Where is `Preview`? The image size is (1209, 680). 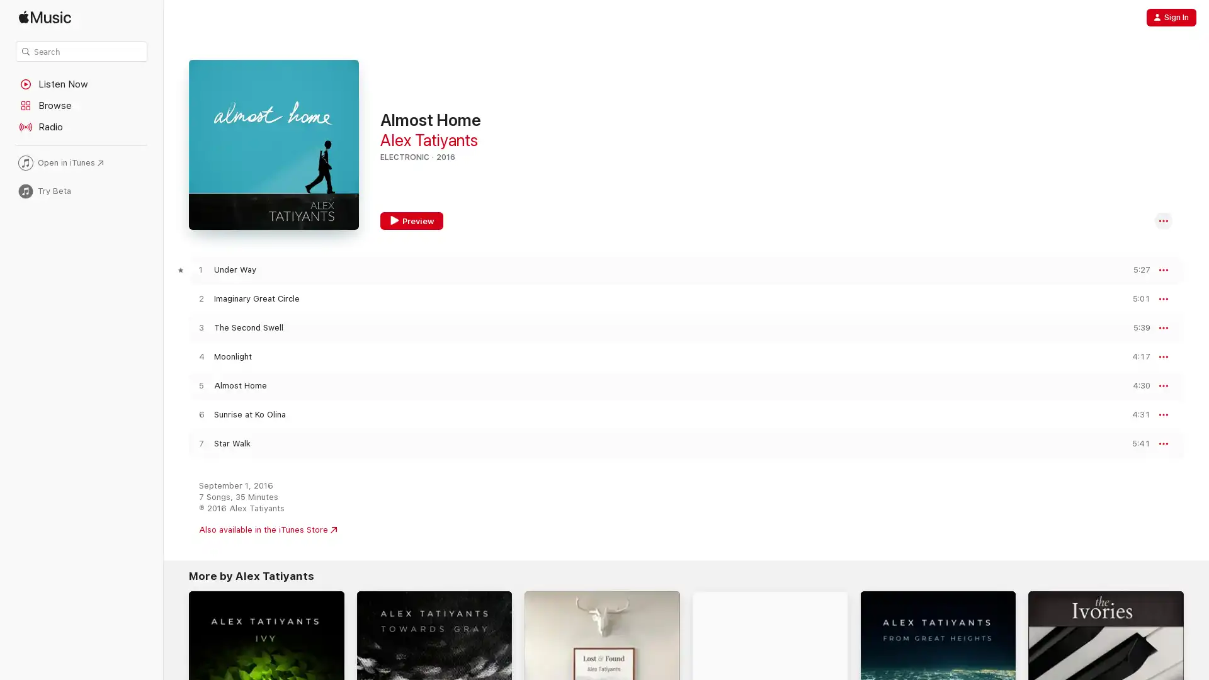 Preview is located at coordinates (1136, 414).